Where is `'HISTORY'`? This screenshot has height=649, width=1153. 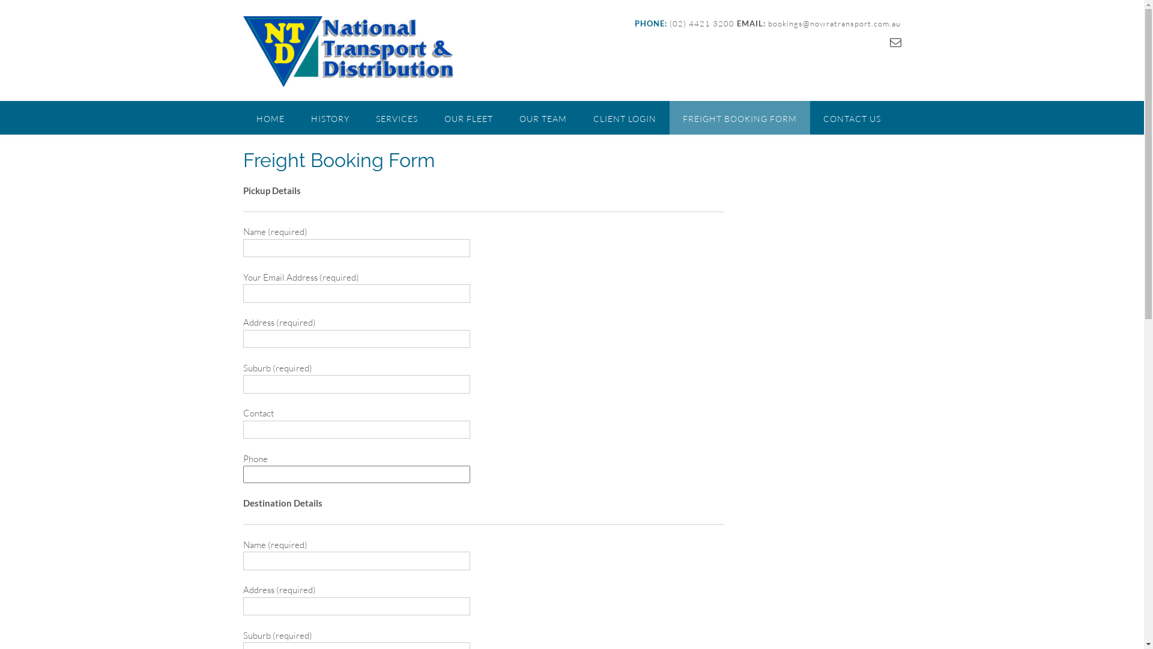
'HISTORY' is located at coordinates (330, 118).